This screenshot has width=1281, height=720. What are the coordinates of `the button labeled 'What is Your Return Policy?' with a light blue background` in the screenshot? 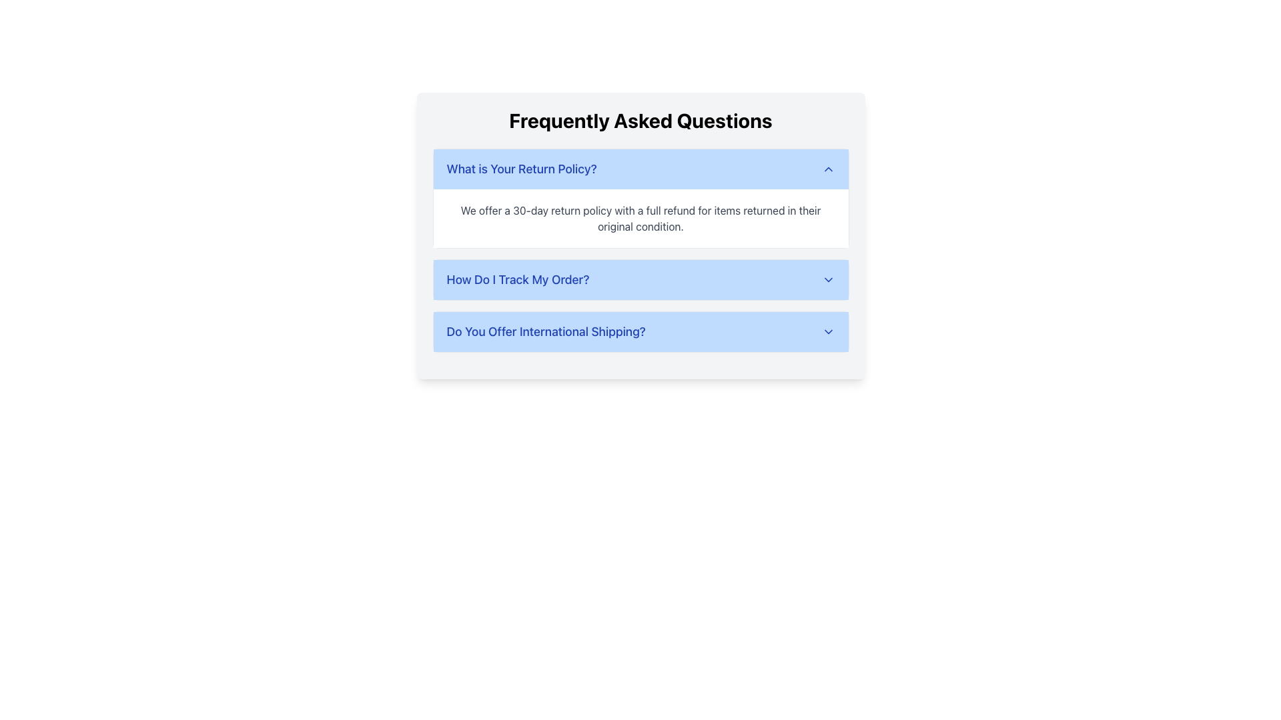 It's located at (640, 169).